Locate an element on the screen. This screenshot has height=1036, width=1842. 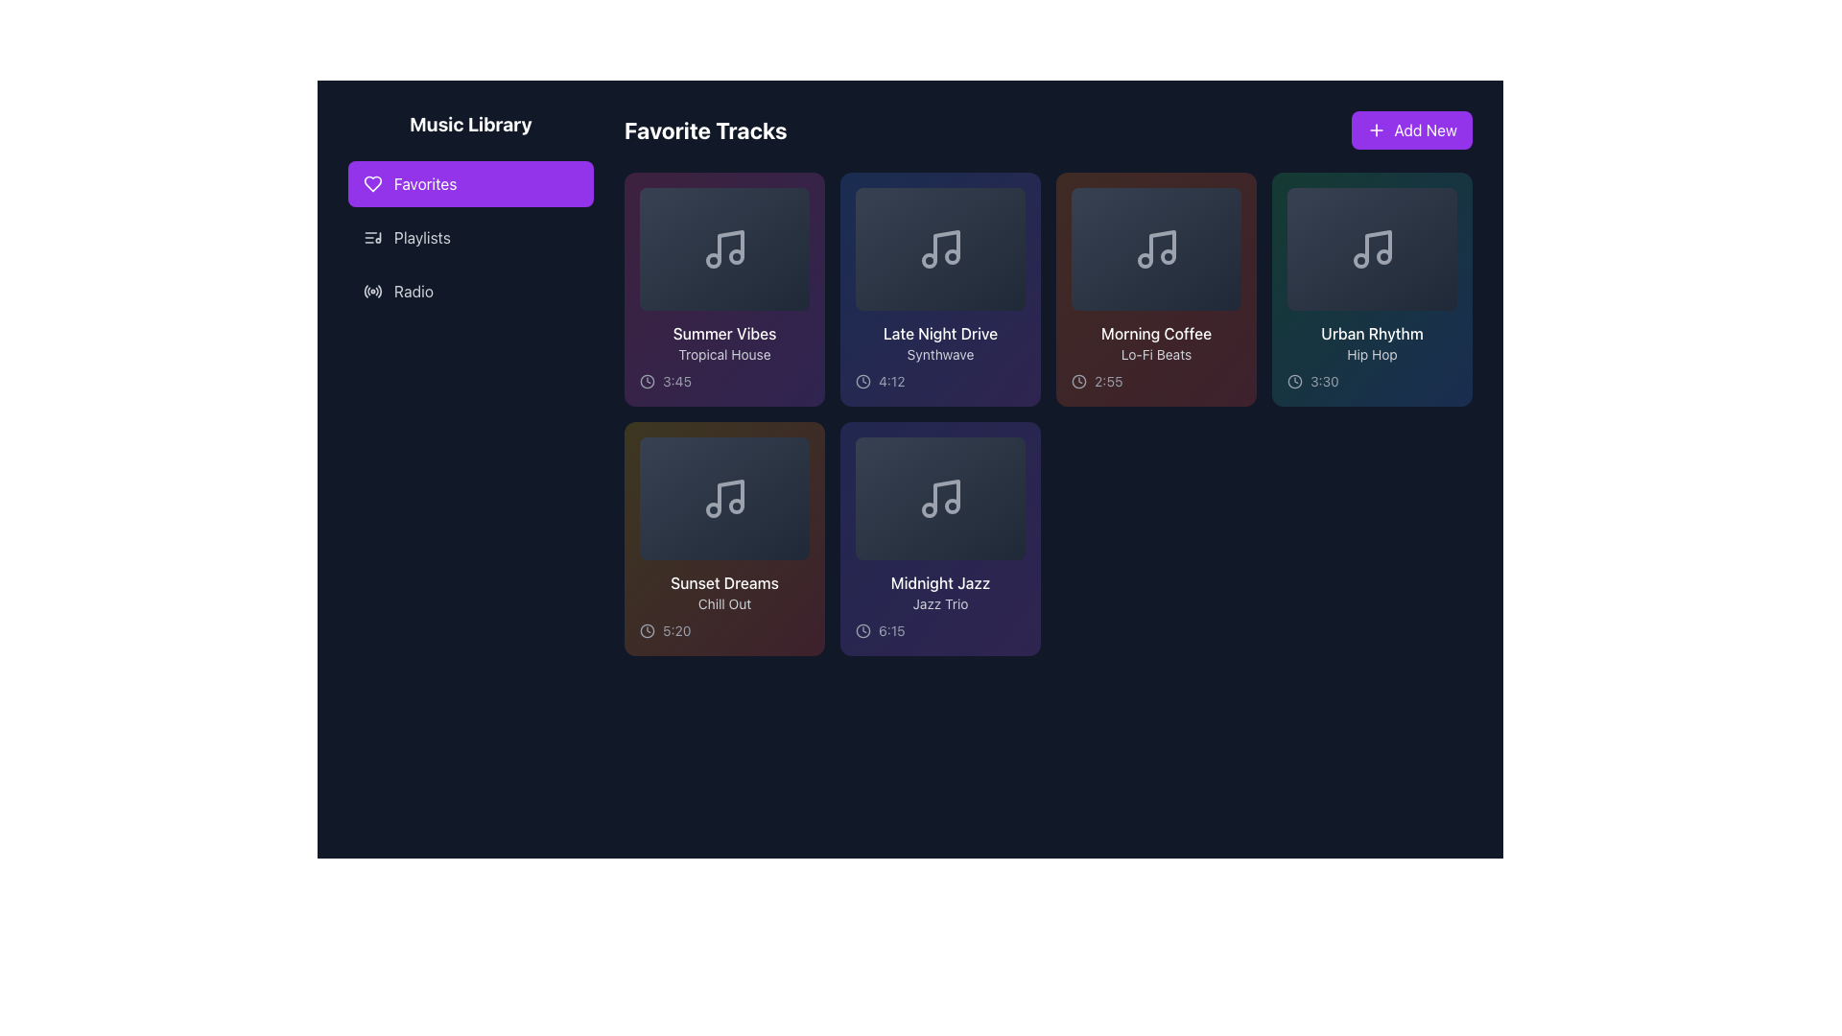
the decorative circle element within the 'Summer Vibes' music card, located in the upper-left quadrant of the icon is located at coordinates (712, 261).